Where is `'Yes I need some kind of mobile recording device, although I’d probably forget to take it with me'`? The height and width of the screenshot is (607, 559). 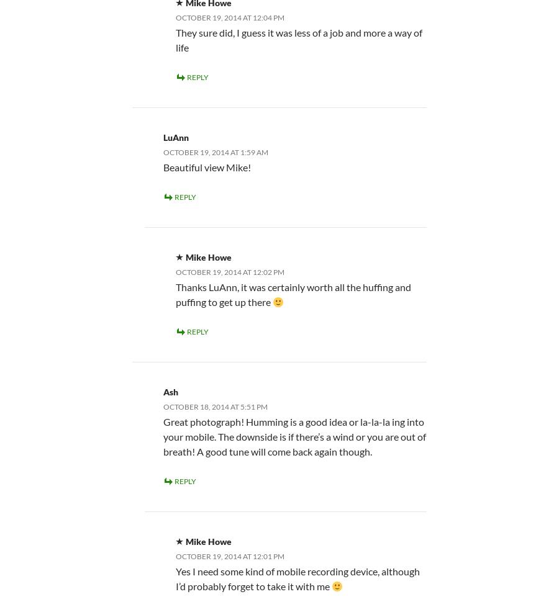
'Yes I need some kind of mobile recording device, although I’d probably forget to take it with me' is located at coordinates (175, 577).